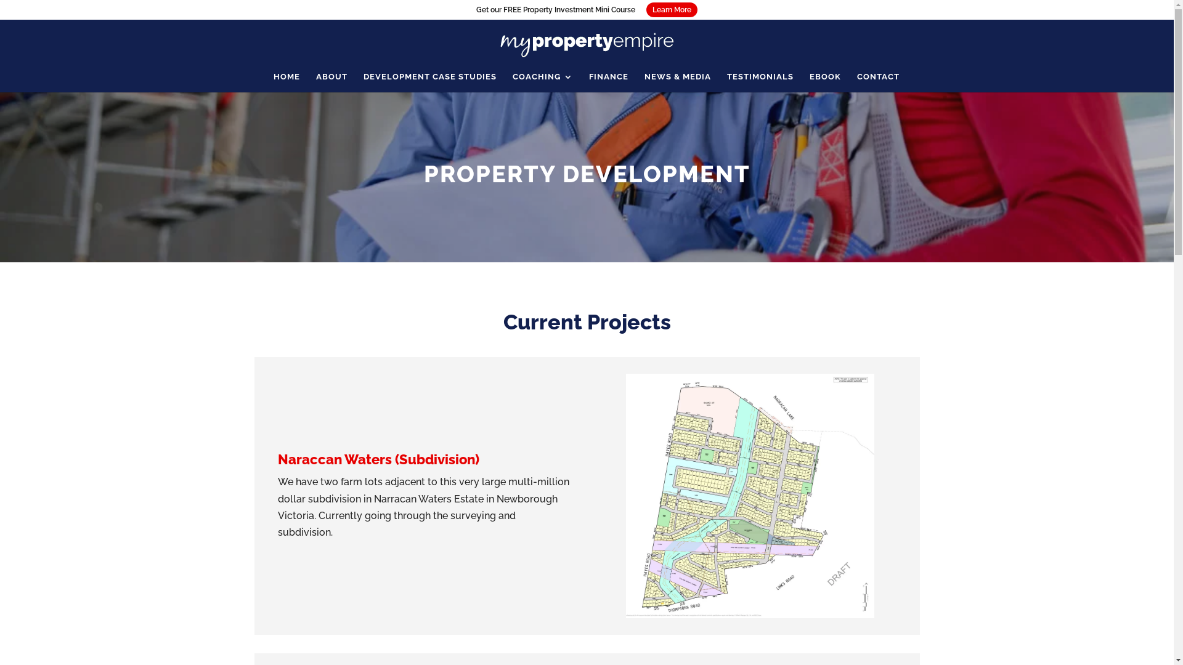  Describe the element at coordinates (609, 83) in the screenshot. I see `'FINANCE'` at that location.